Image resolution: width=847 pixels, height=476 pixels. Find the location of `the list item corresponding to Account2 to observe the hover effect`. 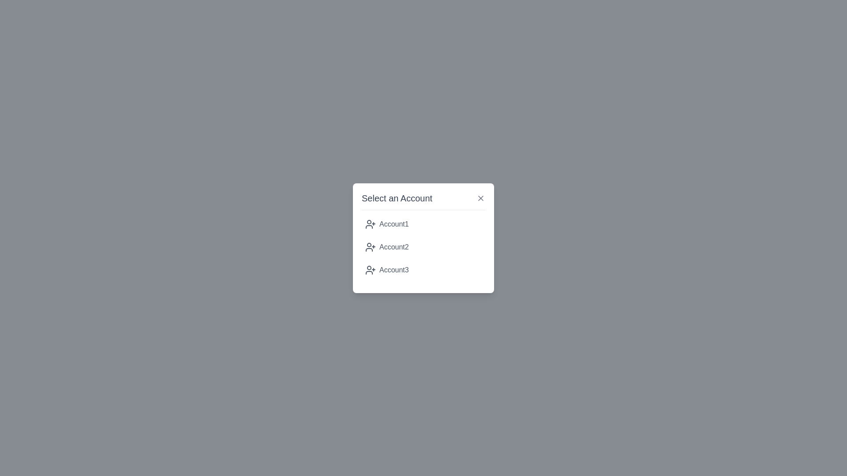

the list item corresponding to Account2 to observe the hover effect is located at coordinates (423, 247).